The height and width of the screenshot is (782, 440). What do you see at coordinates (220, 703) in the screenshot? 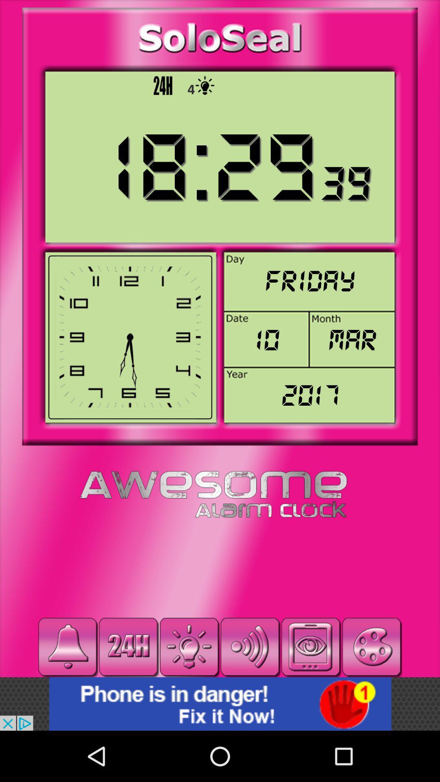
I see `phone advertisement` at bounding box center [220, 703].